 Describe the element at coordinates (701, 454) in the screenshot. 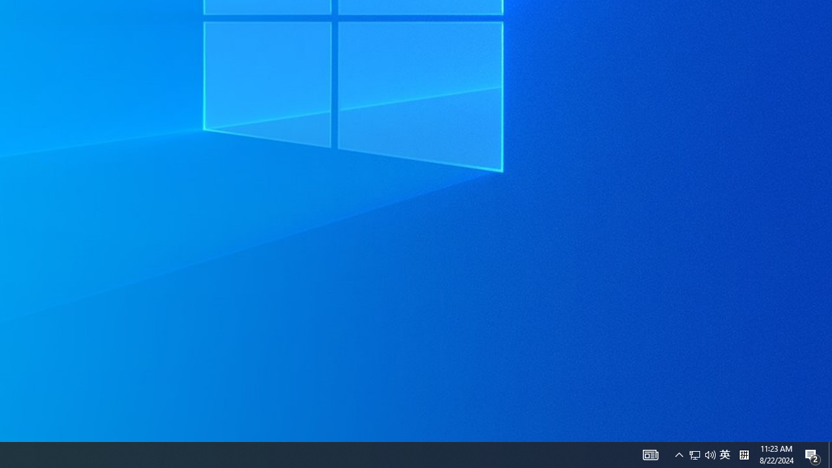

I see `'Q2790: 100%'` at that location.